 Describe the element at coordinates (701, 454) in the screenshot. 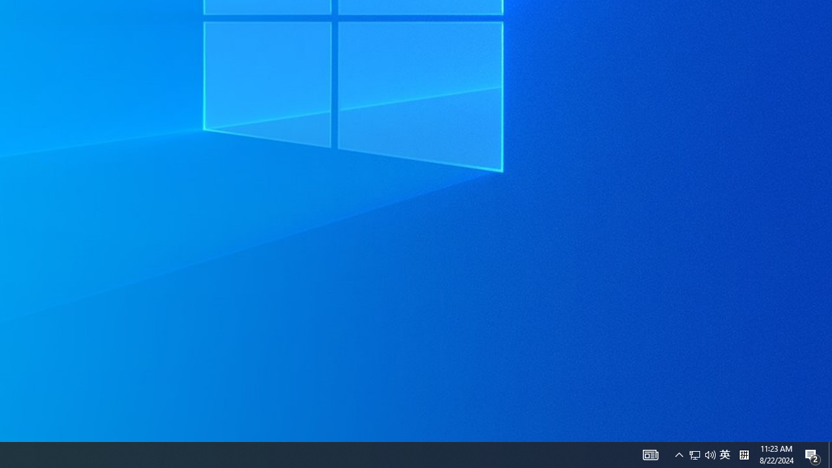

I see `'Q2790: 100%'` at that location.